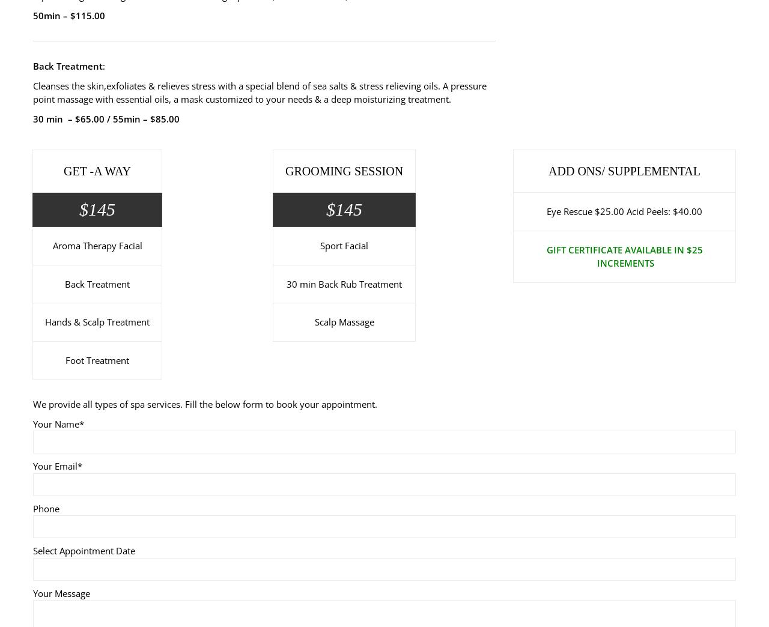 This screenshot has width=769, height=627. Describe the element at coordinates (259, 91) in the screenshot. I see `'Cleanses the skin,exfoliates & relieves stress with a special blend of sea salts & stress relieving oils. A pressure point massage with essential oils, a mask customized to your needs & a deep moisturizing treatment.'` at that location.